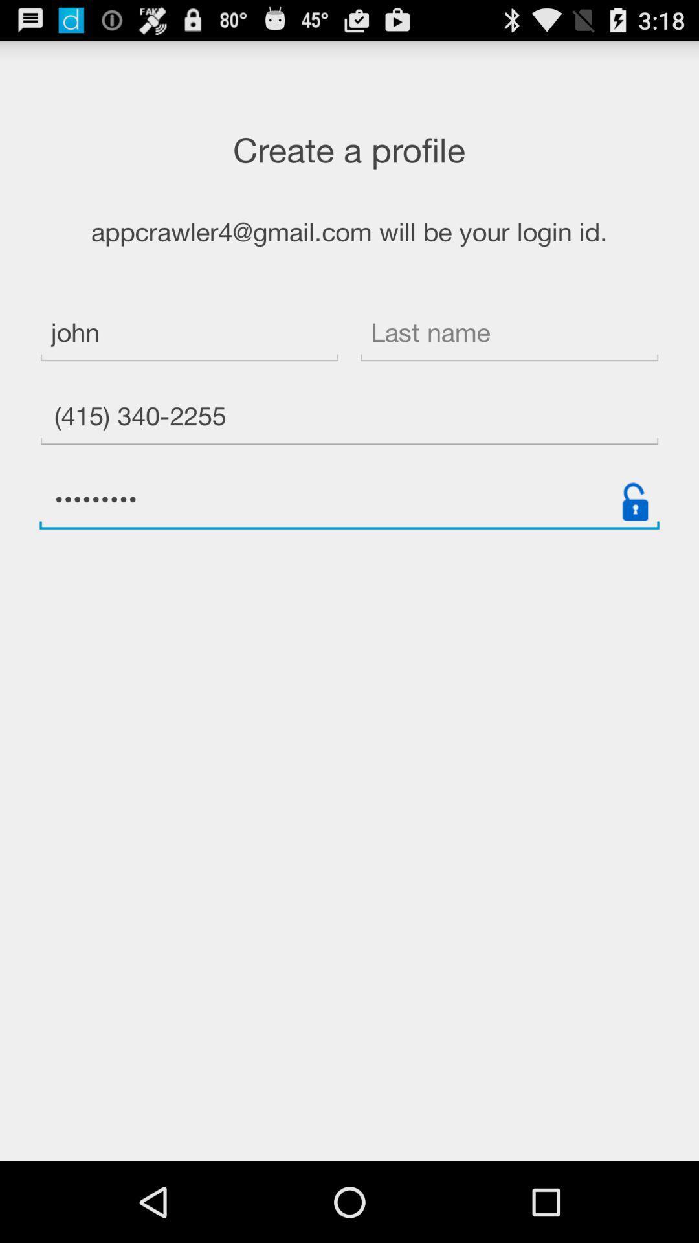 This screenshot has height=1243, width=699. What do you see at coordinates (189, 335) in the screenshot?
I see `item at the top left corner` at bounding box center [189, 335].